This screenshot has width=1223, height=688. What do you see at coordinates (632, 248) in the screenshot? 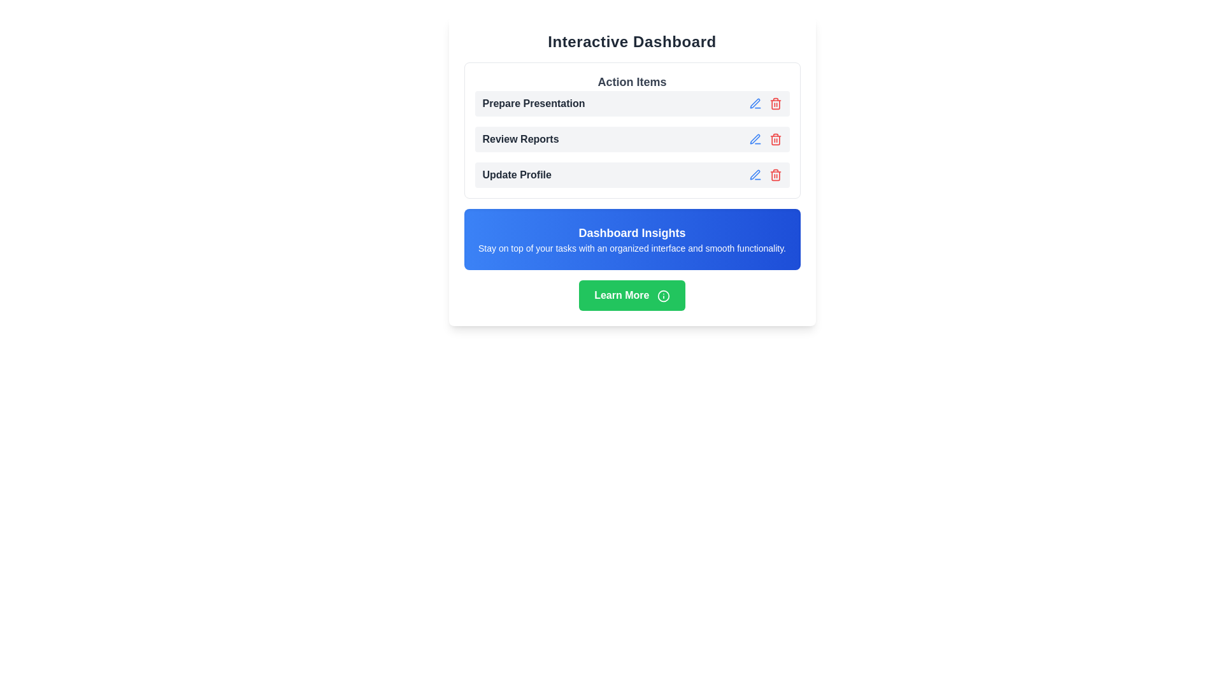
I see `the static text that reads 'Stay on top of your tasks with an organized interface and smooth functionality.' located below 'Dashboard Insights' in a blue rectangular section` at bounding box center [632, 248].